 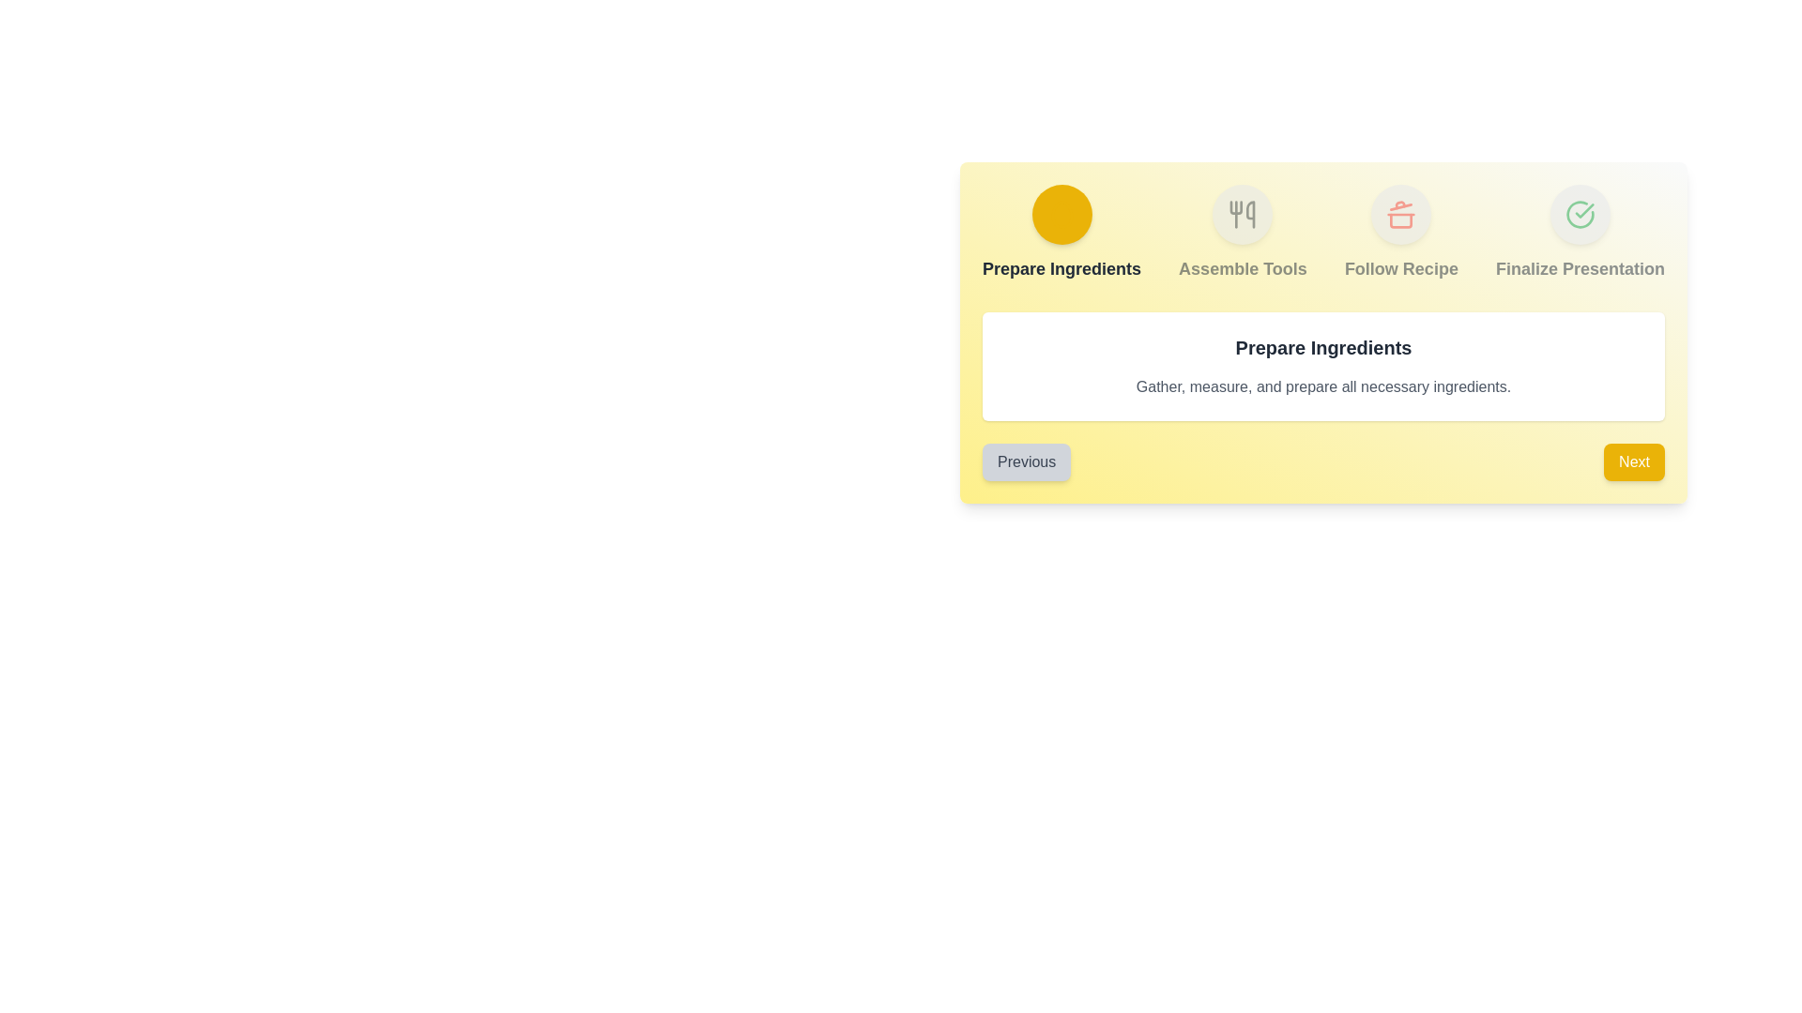 What do you see at coordinates (1633, 462) in the screenshot?
I see `the 'Next' button, which is a vibrant yellow rectangular button with white bold text, located in the lower-right corner of the yellow section of the recipe step interface` at bounding box center [1633, 462].